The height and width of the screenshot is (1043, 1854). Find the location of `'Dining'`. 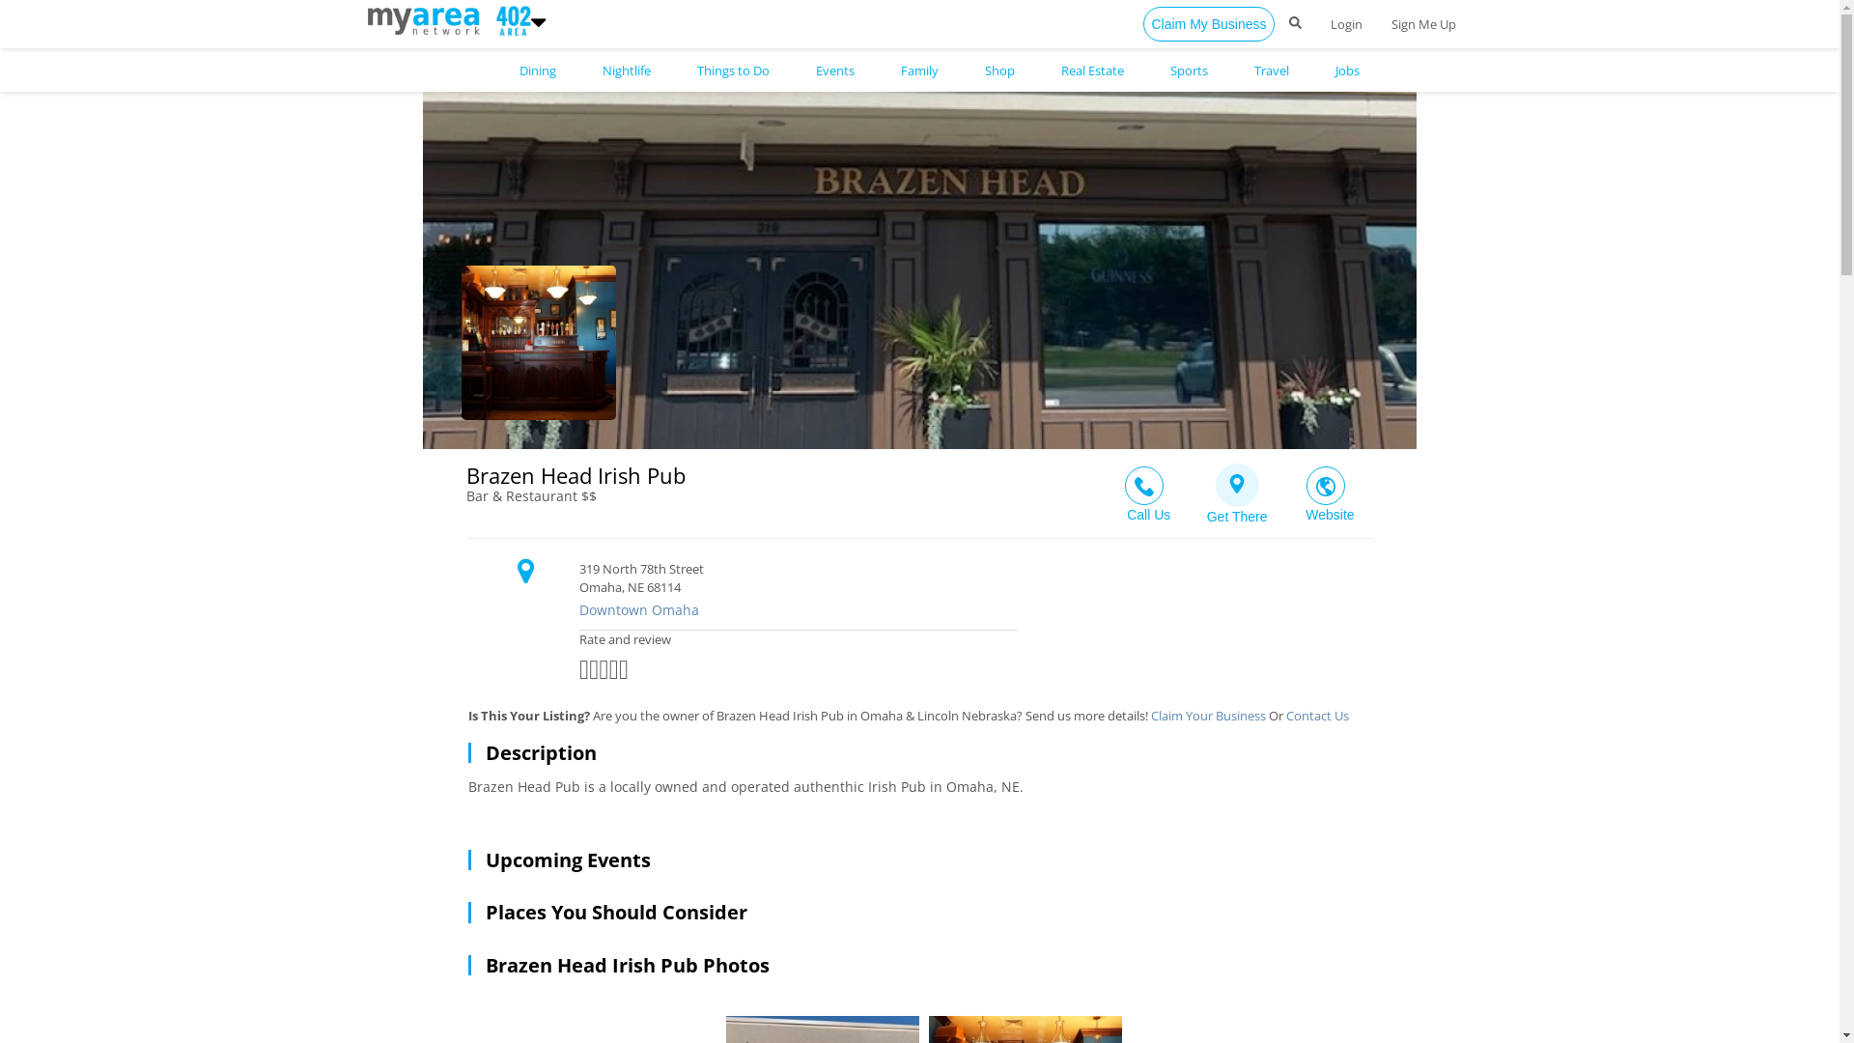

'Dining' is located at coordinates (537, 70).